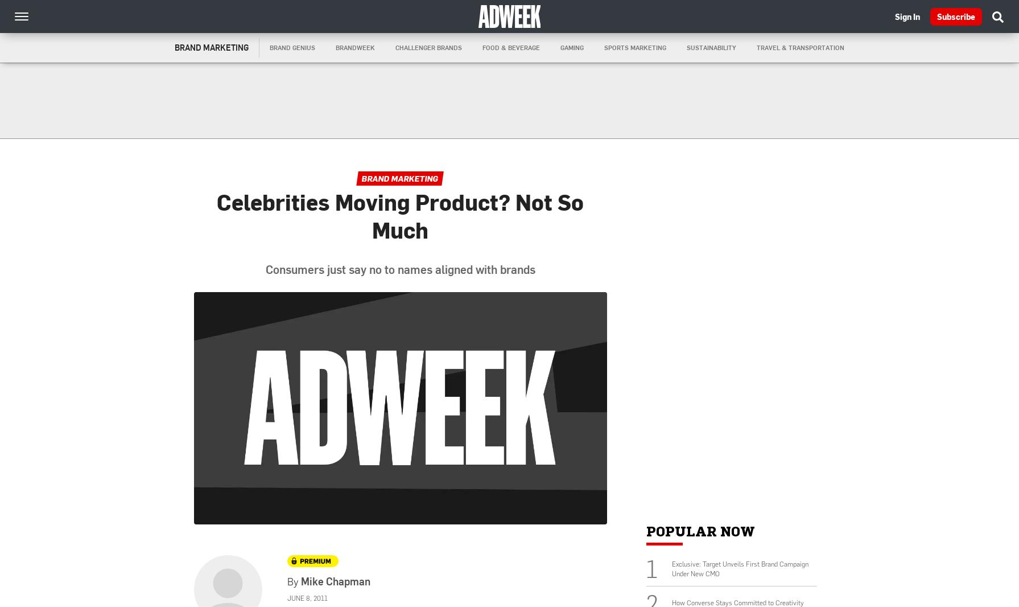 This screenshot has height=607, width=1019. Describe the element at coordinates (428, 47) in the screenshot. I see `'Challenger Brands'` at that location.